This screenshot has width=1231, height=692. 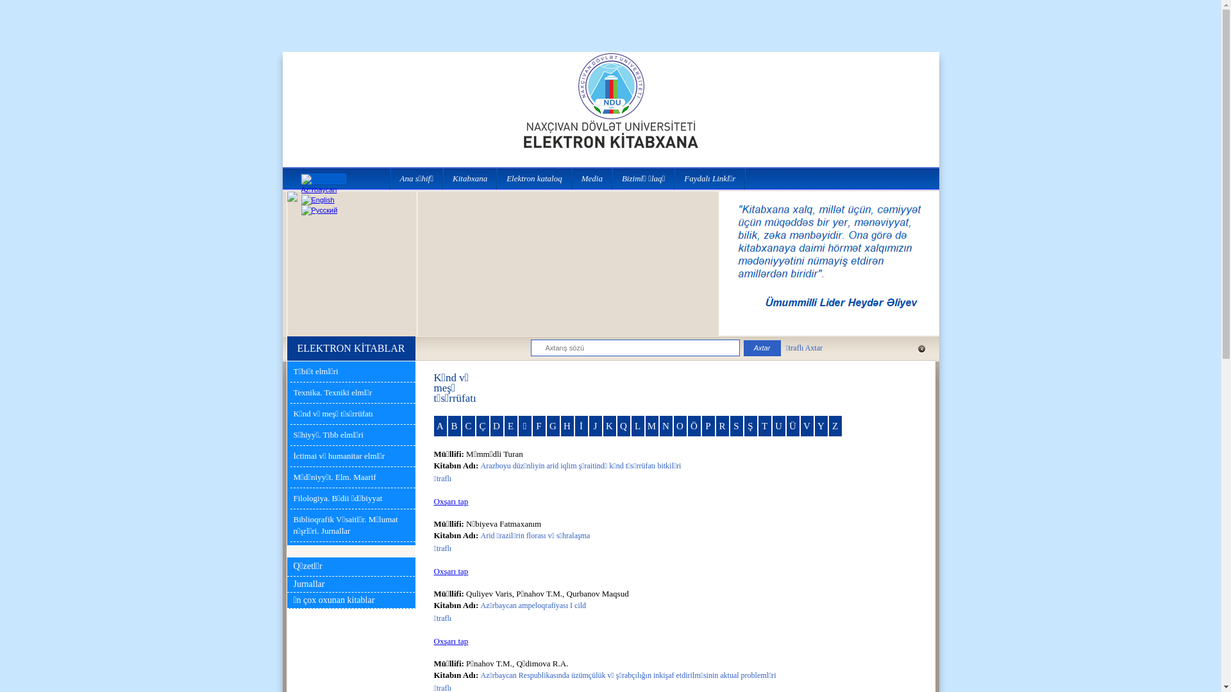 I want to click on 'V', so click(x=802, y=425).